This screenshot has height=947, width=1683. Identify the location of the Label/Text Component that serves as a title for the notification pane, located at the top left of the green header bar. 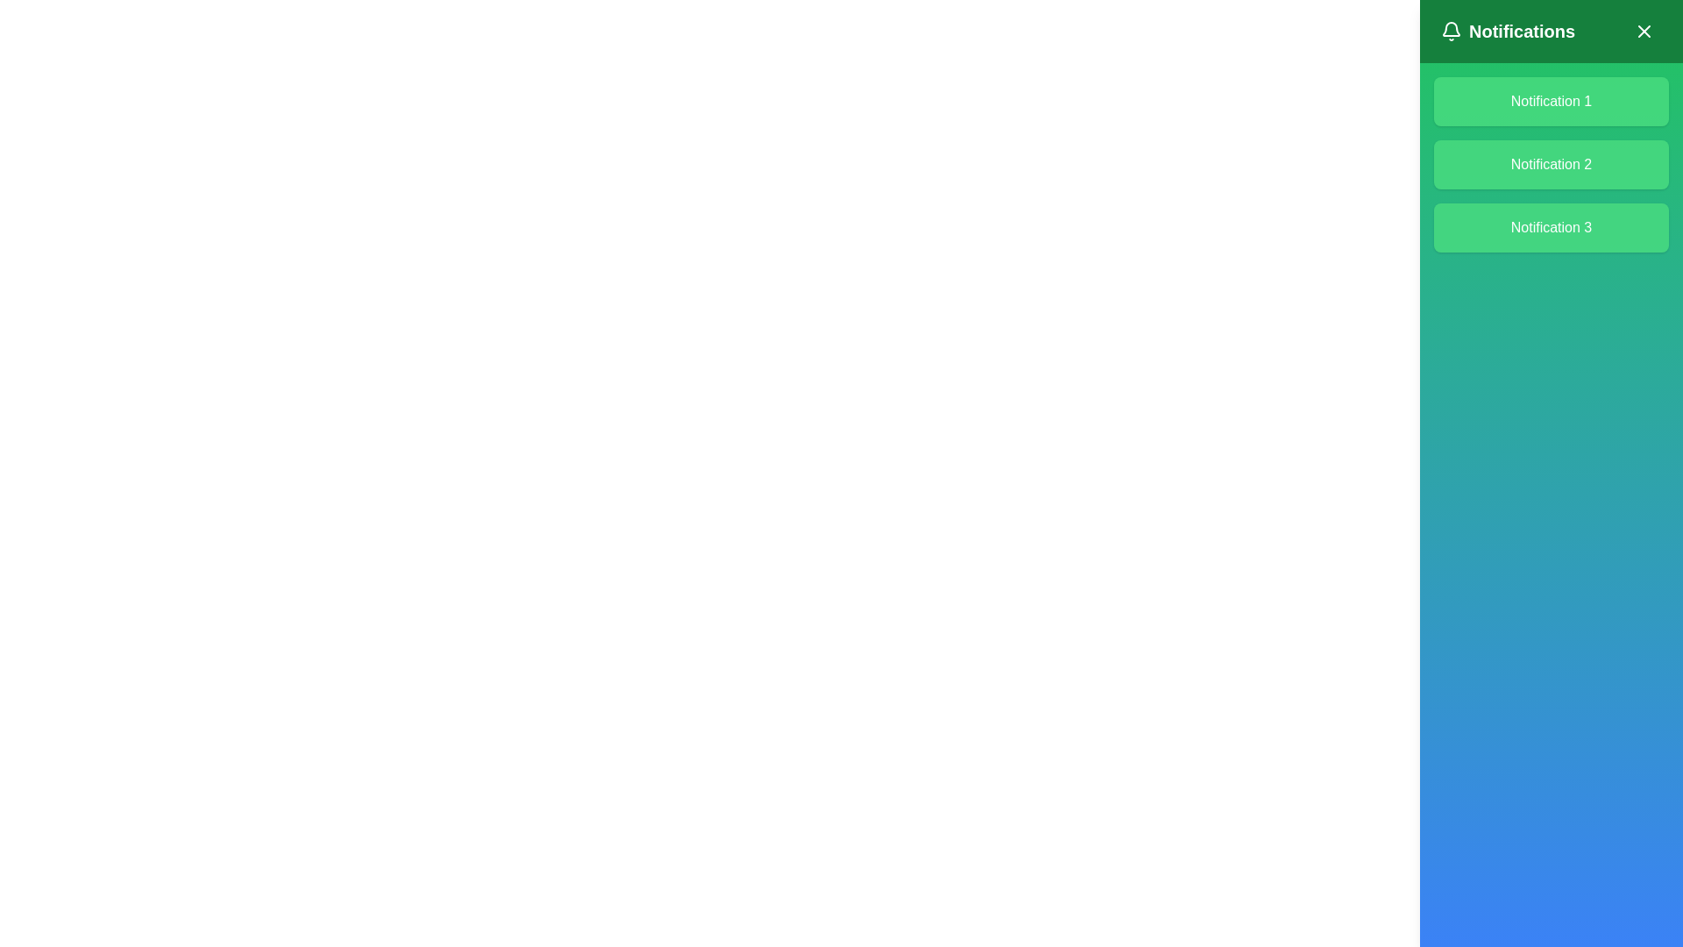
(1507, 31).